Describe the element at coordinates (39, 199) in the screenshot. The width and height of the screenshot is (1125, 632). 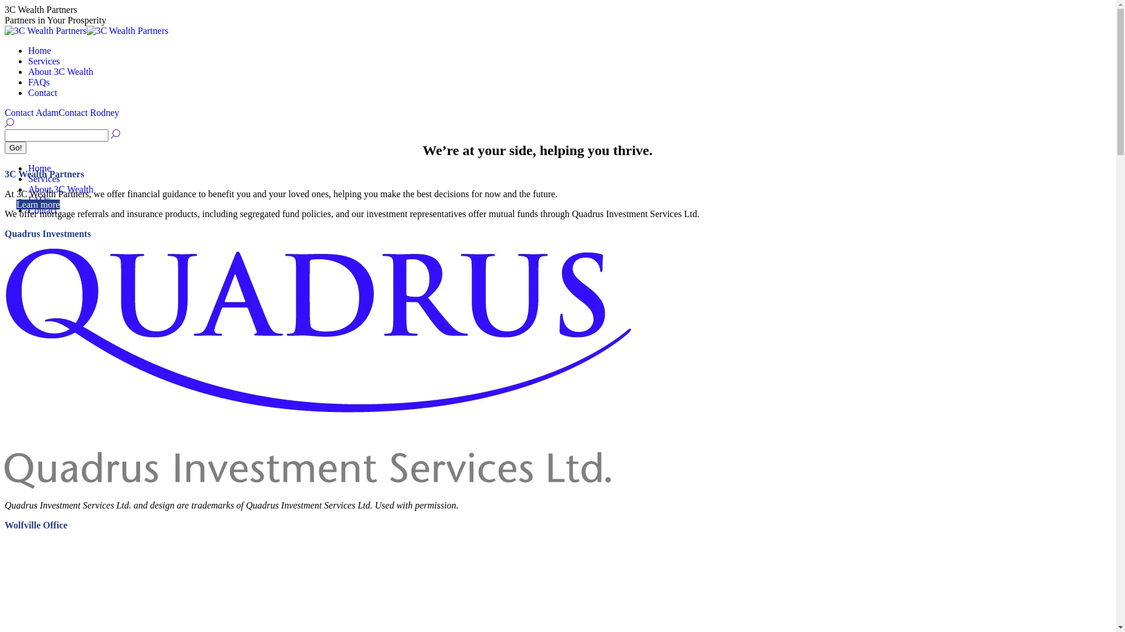
I see `'FAQs'` at that location.